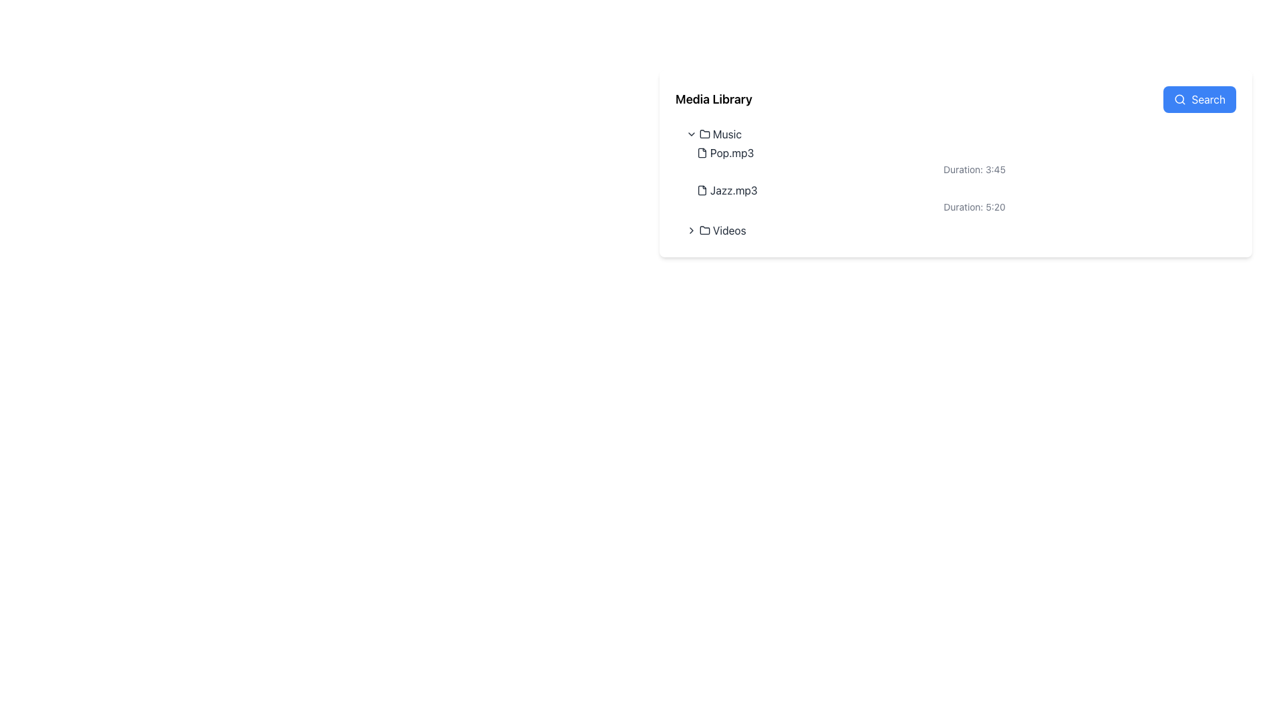 This screenshot has width=1283, height=722. I want to click on the folder icon representing the 'Videos' category in the media library, located in the third entry of the list, so click(704, 229).